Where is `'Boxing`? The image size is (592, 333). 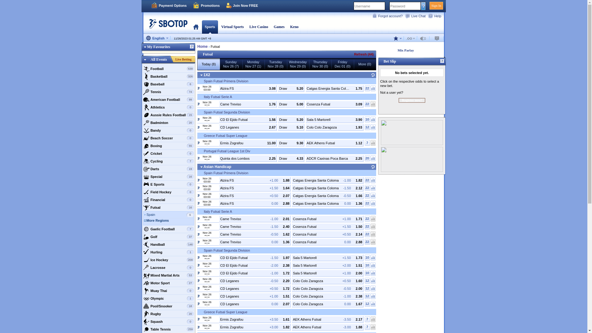 'Boxing is located at coordinates (168, 146).